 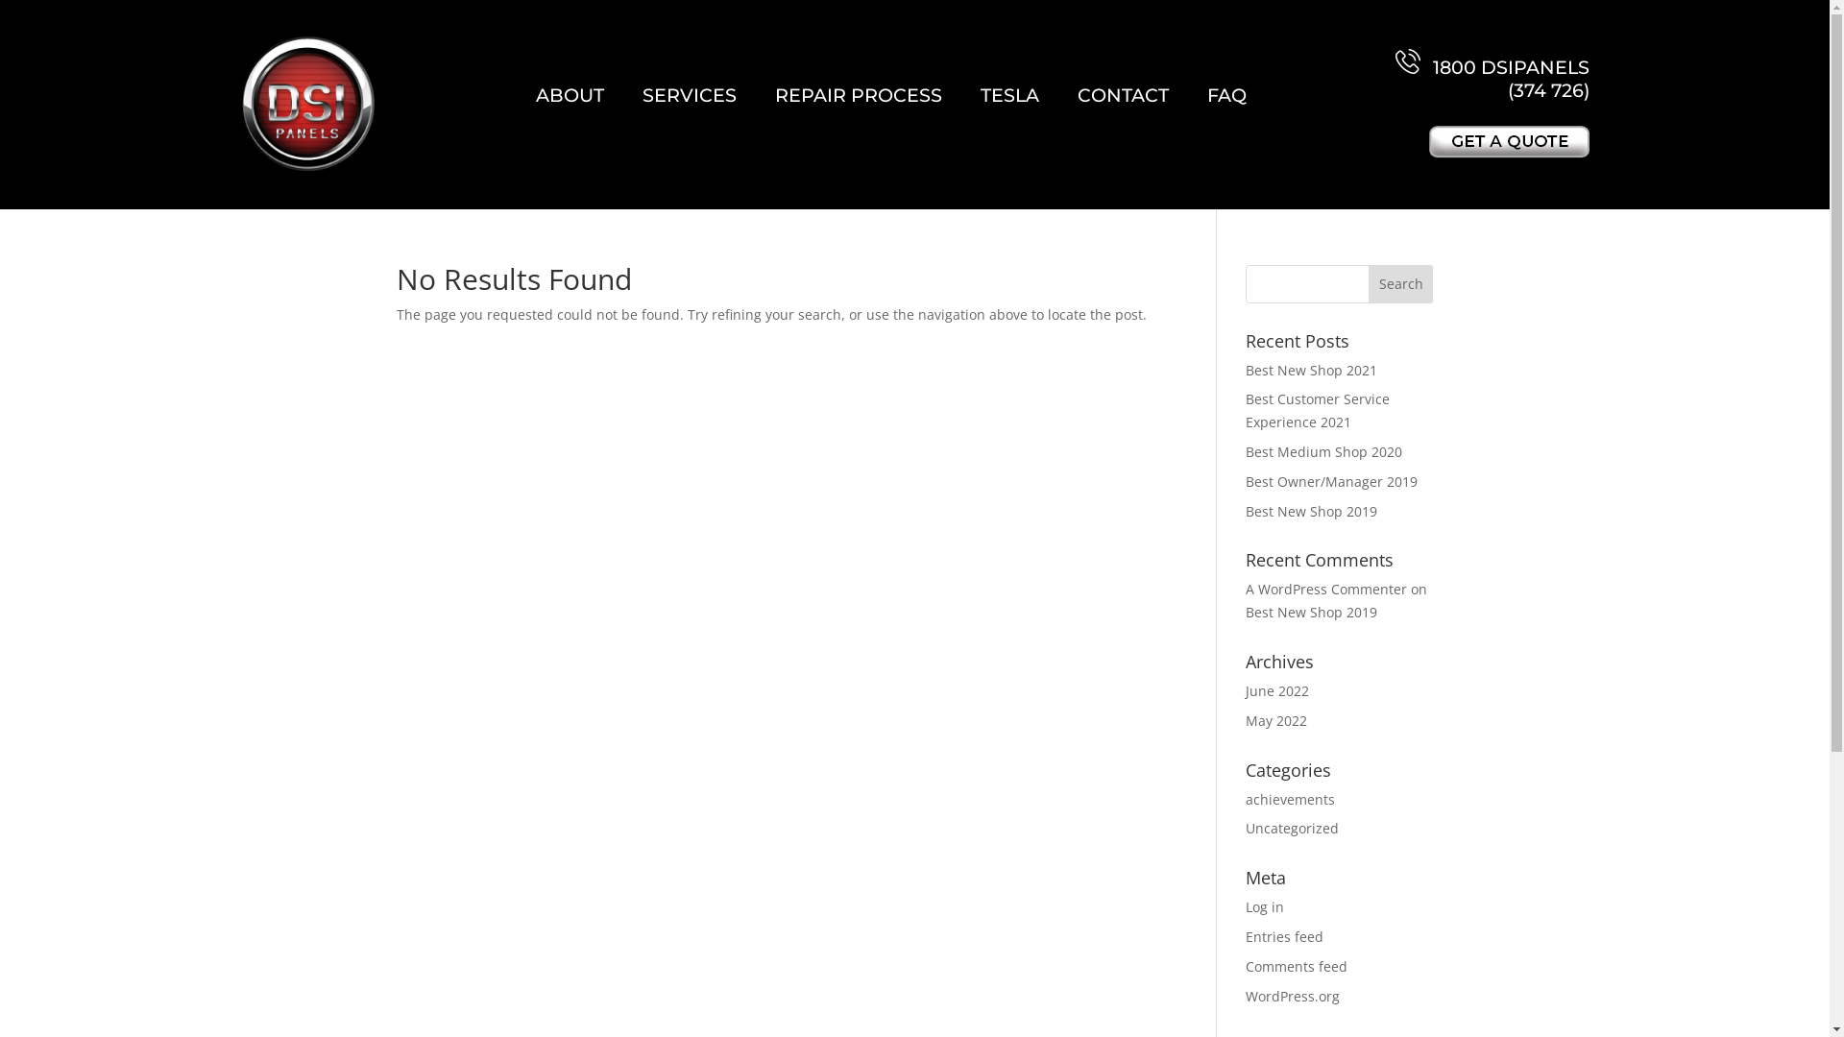 I want to click on 'Best Owner/Manager 2019', so click(x=1330, y=480).